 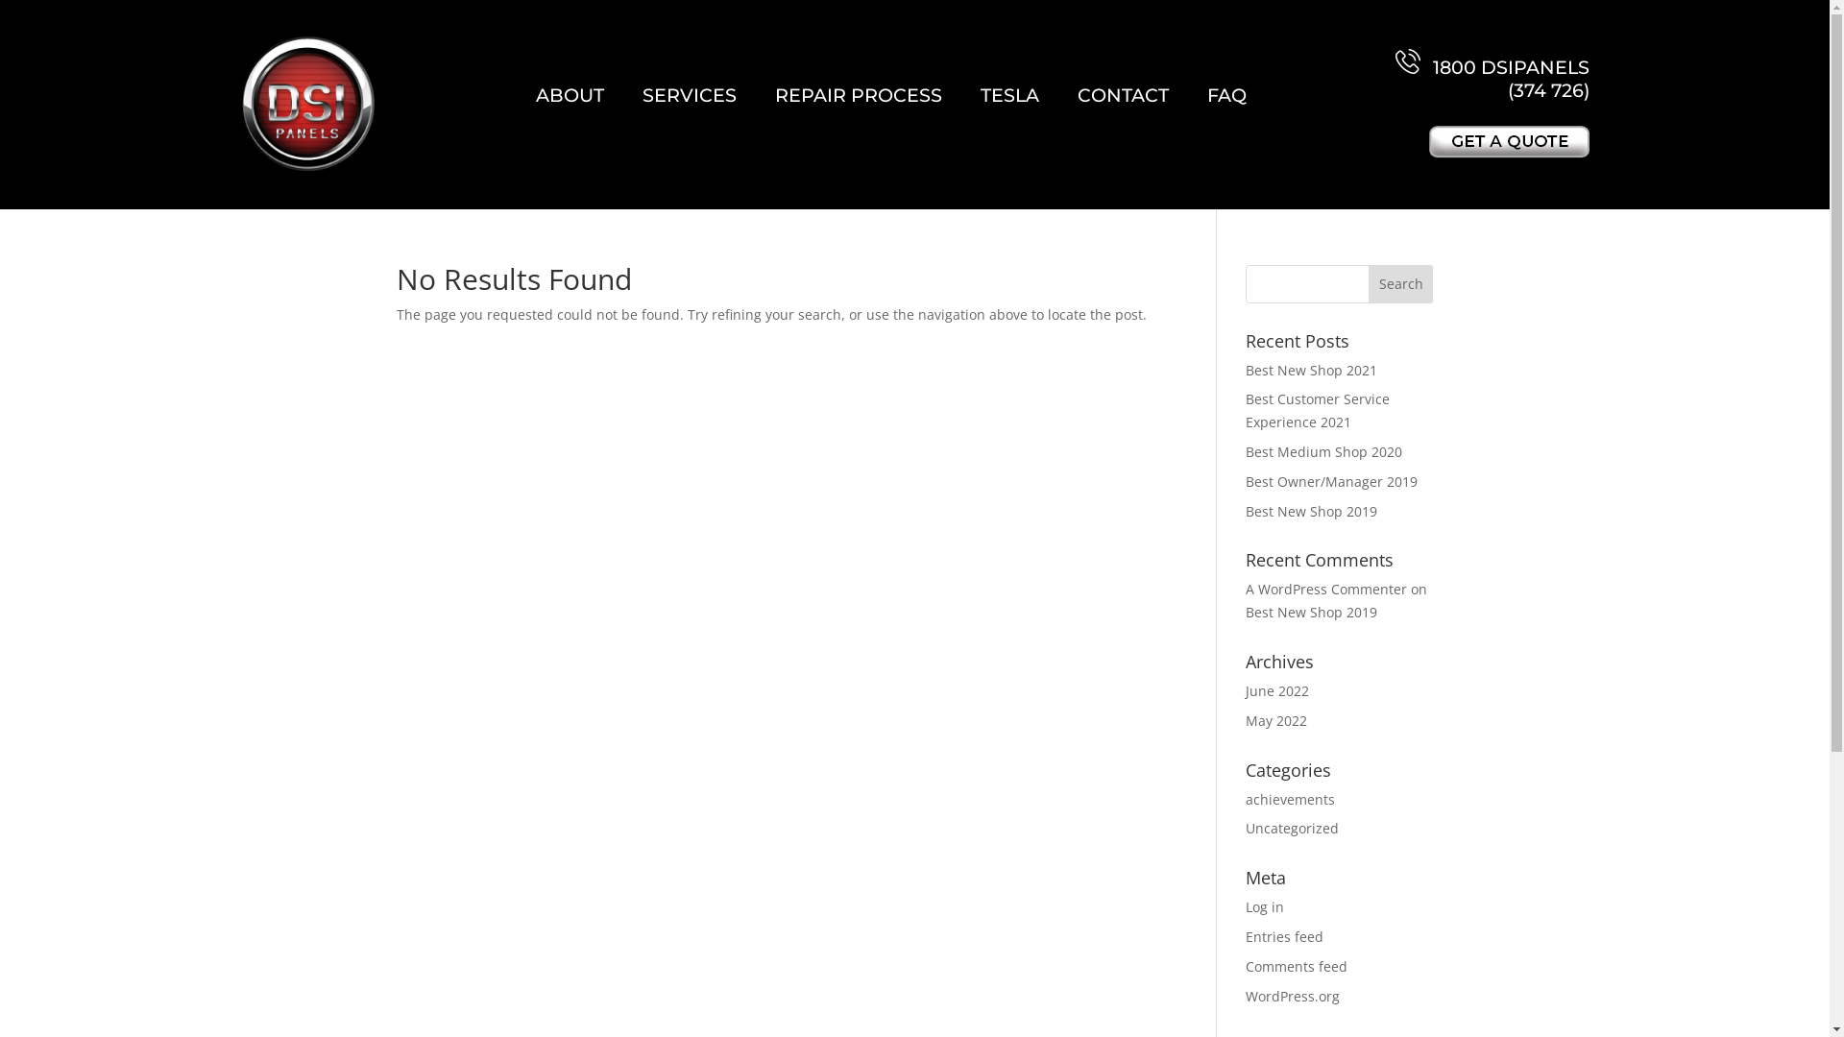 I want to click on 'Best Owner/Manager 2019', so click(x=1330, y=480).